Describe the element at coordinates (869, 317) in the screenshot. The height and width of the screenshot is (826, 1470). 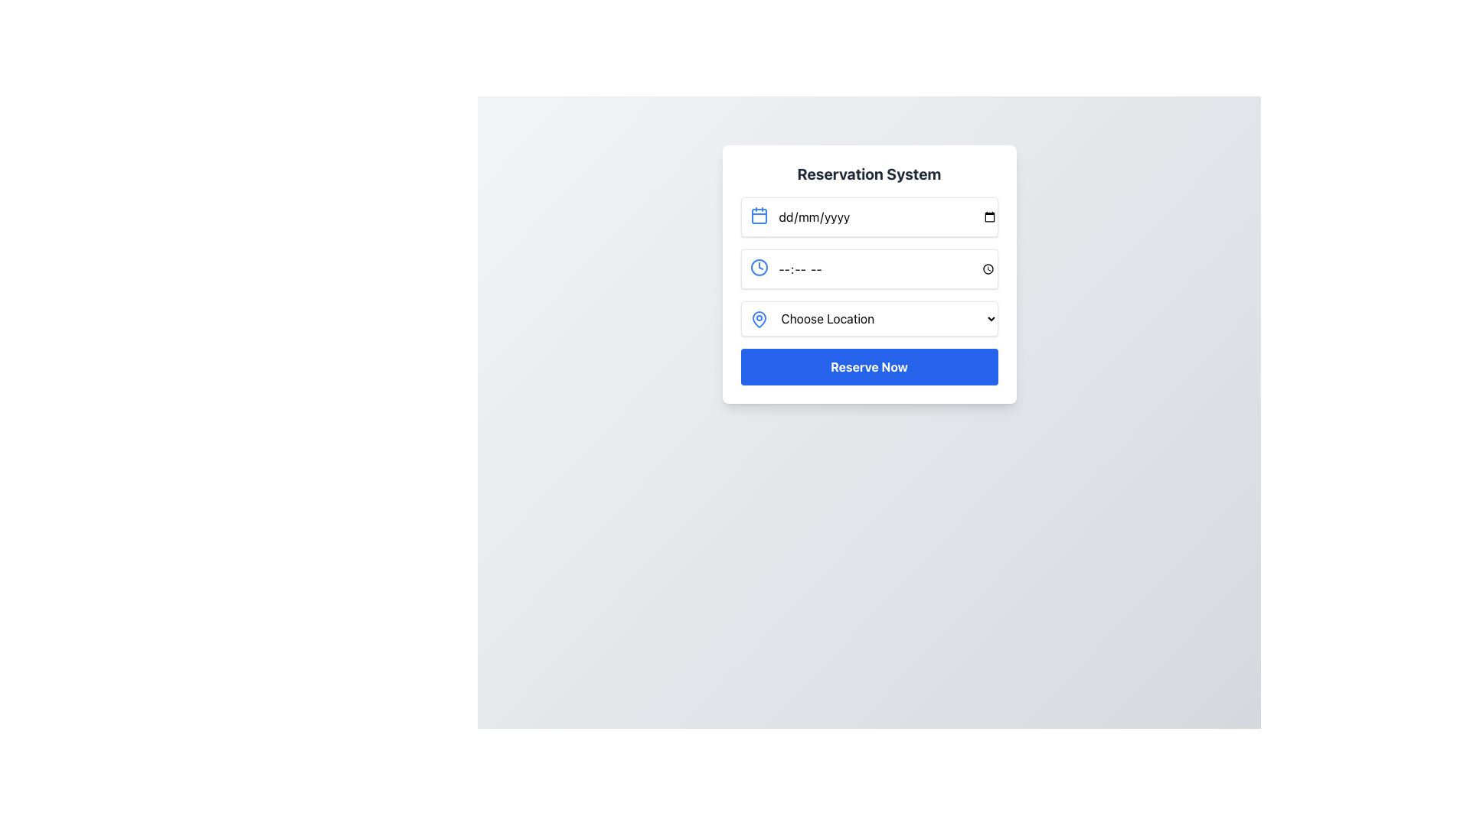
I see `the dropdown menu labeled 'Choose Location'` at that location.